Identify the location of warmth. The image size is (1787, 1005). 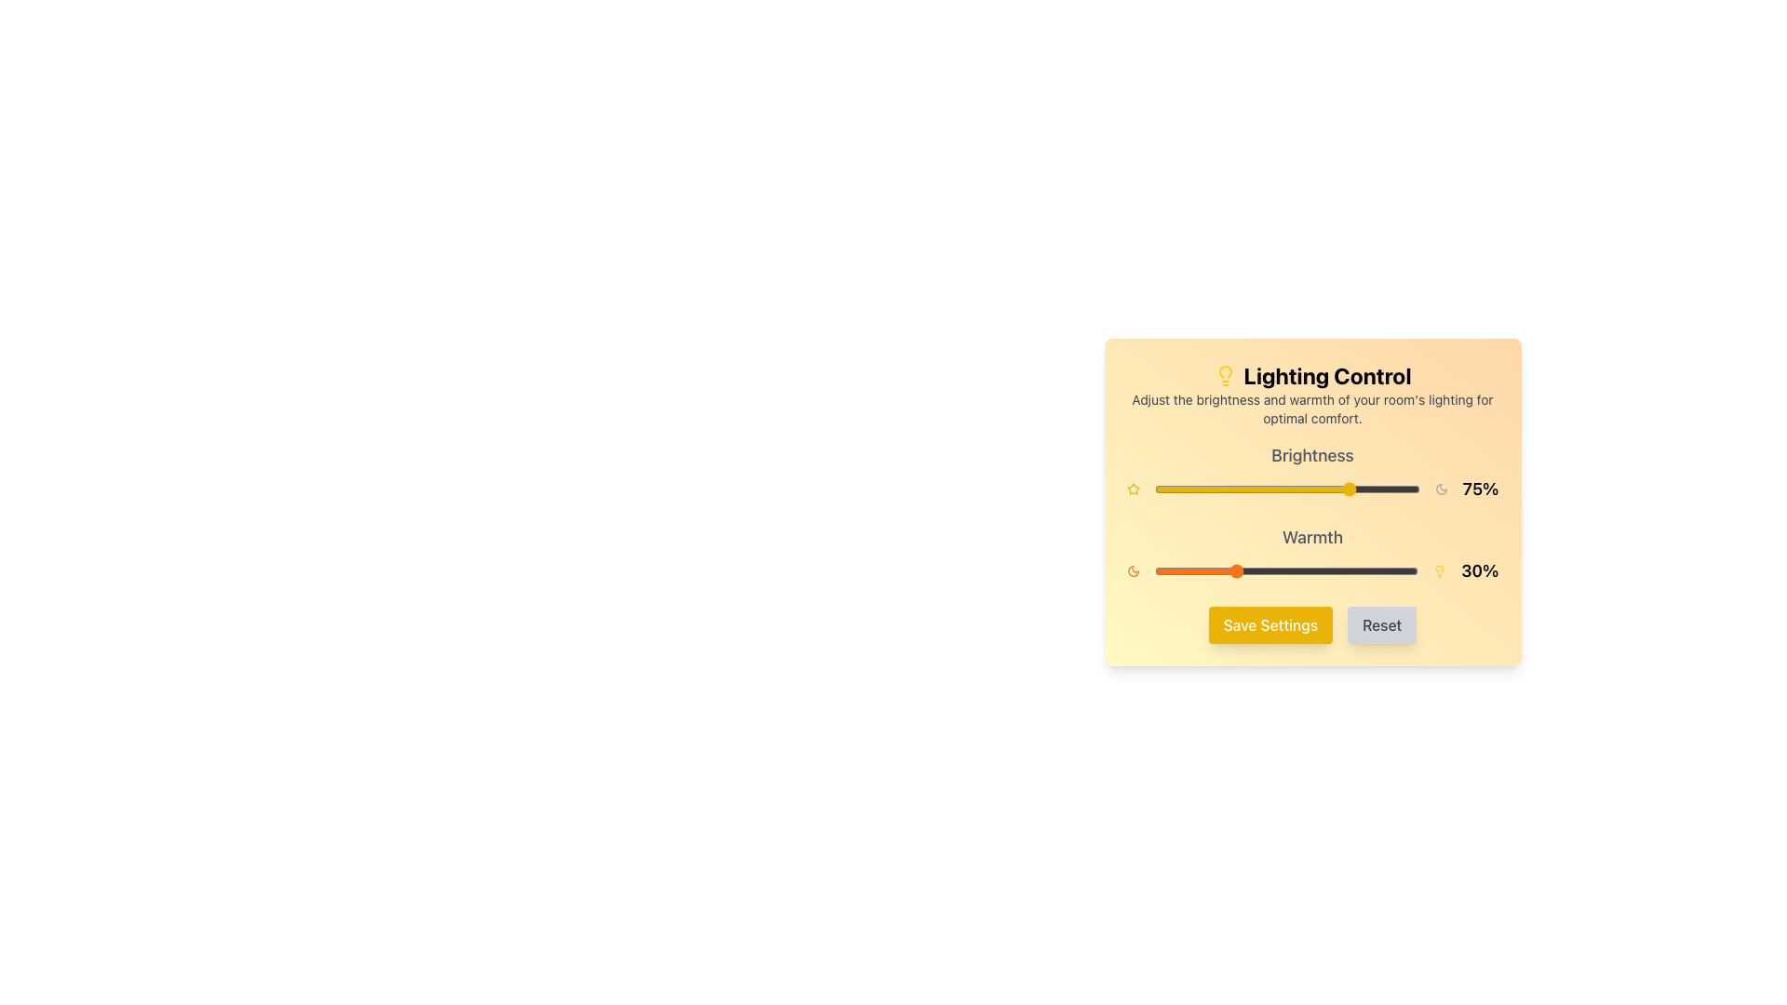
(1257, 569).